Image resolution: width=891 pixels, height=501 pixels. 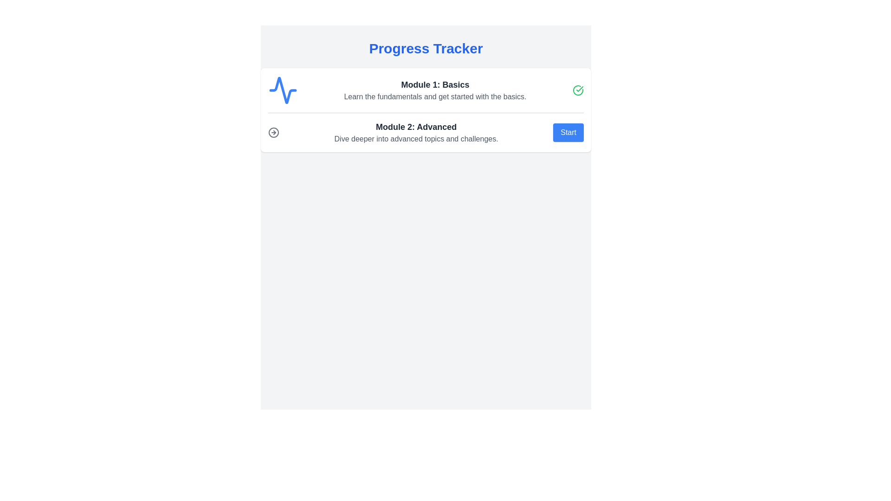 What do you see at coordinates (416, 139) in the screenshot?
I see `static text label displaying 'Dive deeper into advanced topics and challenges.' located below the heading 'Module 2: Advanced' in the Progress Tracker interface for informational purposes` at bounding box center [416, 139].